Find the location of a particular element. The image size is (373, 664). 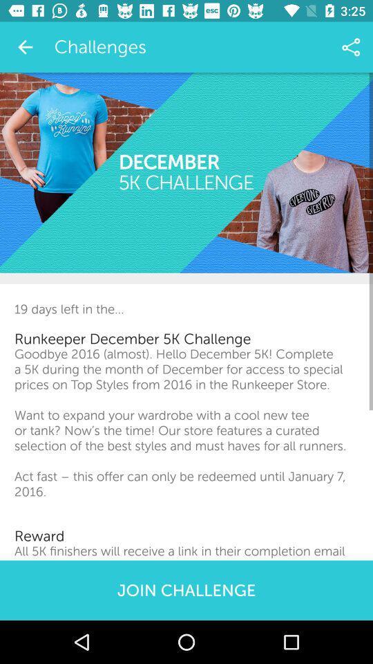

item below all 5k finishers item is located at coordinates (186, 589).